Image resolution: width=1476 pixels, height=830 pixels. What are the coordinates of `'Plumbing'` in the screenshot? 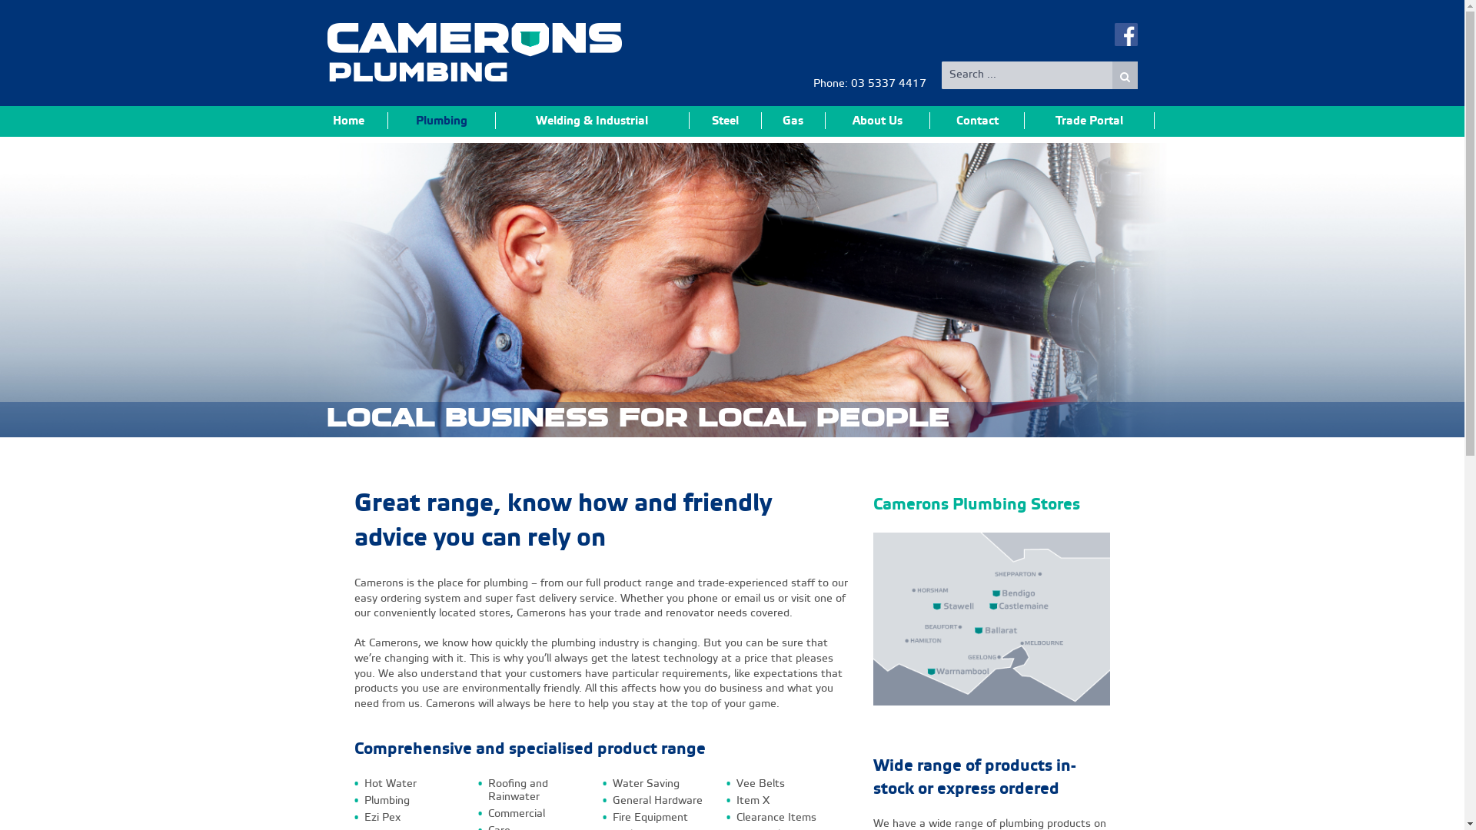 It's located at (441, 120).